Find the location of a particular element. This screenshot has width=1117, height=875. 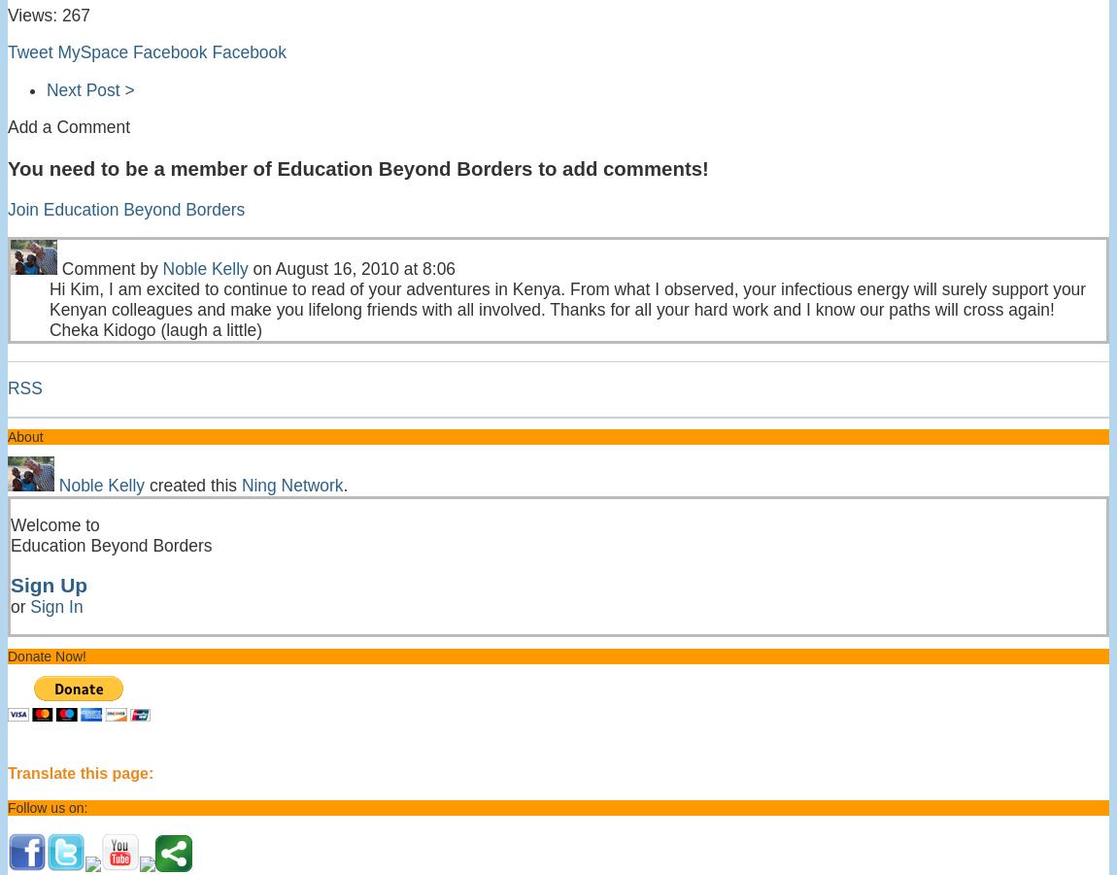

'Sign In' is located at coordinates (54, 605).